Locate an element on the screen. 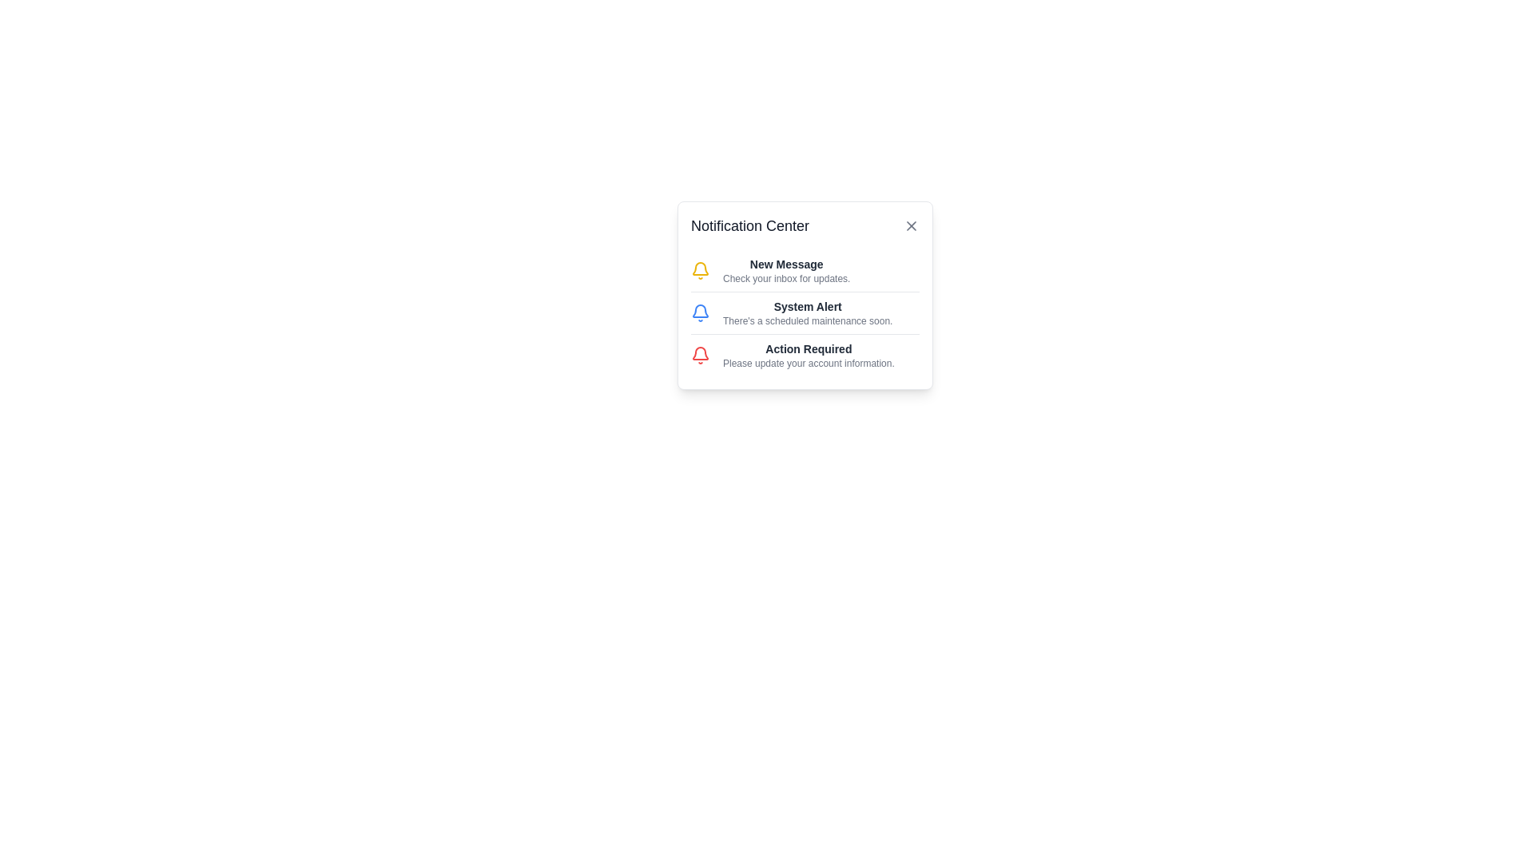  the 'X' shaped icon in the top-right corner of the 'Notification Center' card for visual feedback is located at coordinates (912, 225).